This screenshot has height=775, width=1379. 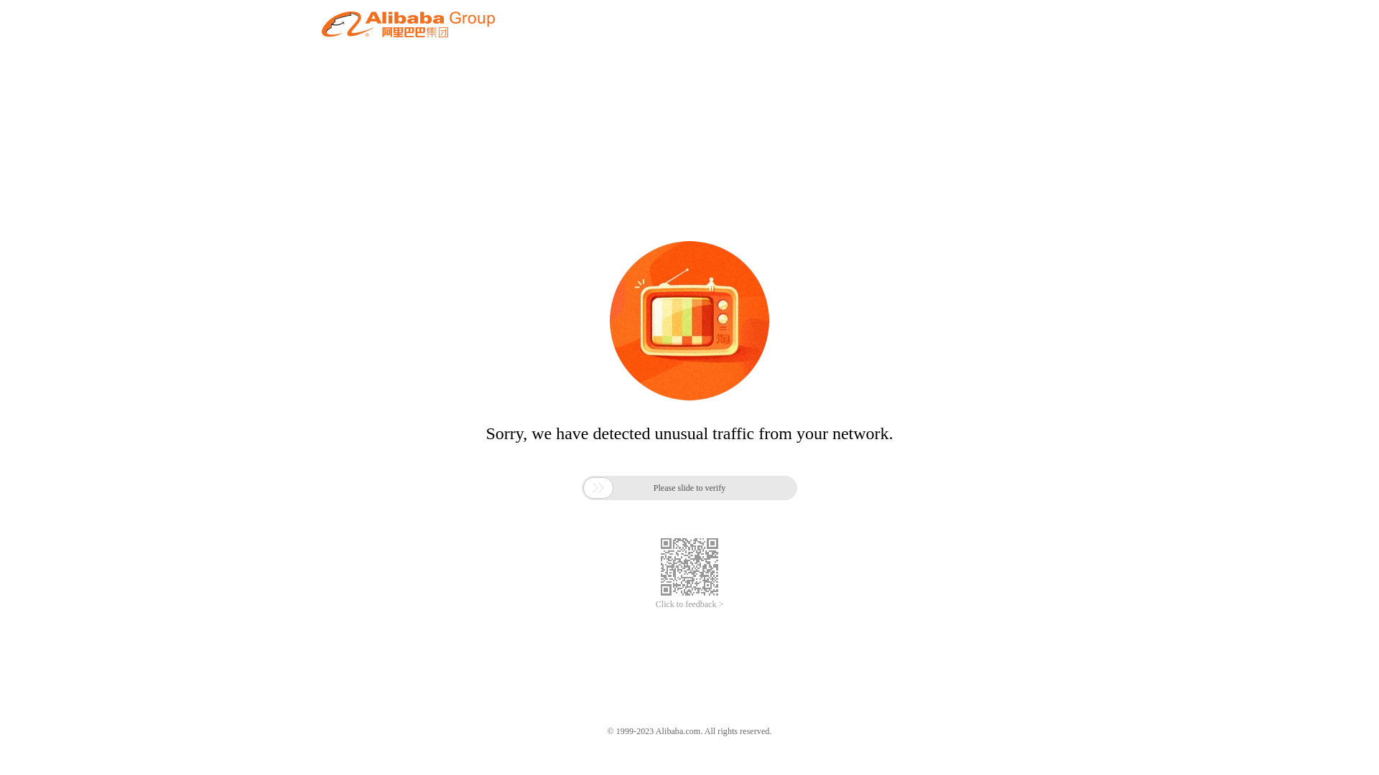 I want to click on 'Click to feedback >', so click(x=689, y=604).